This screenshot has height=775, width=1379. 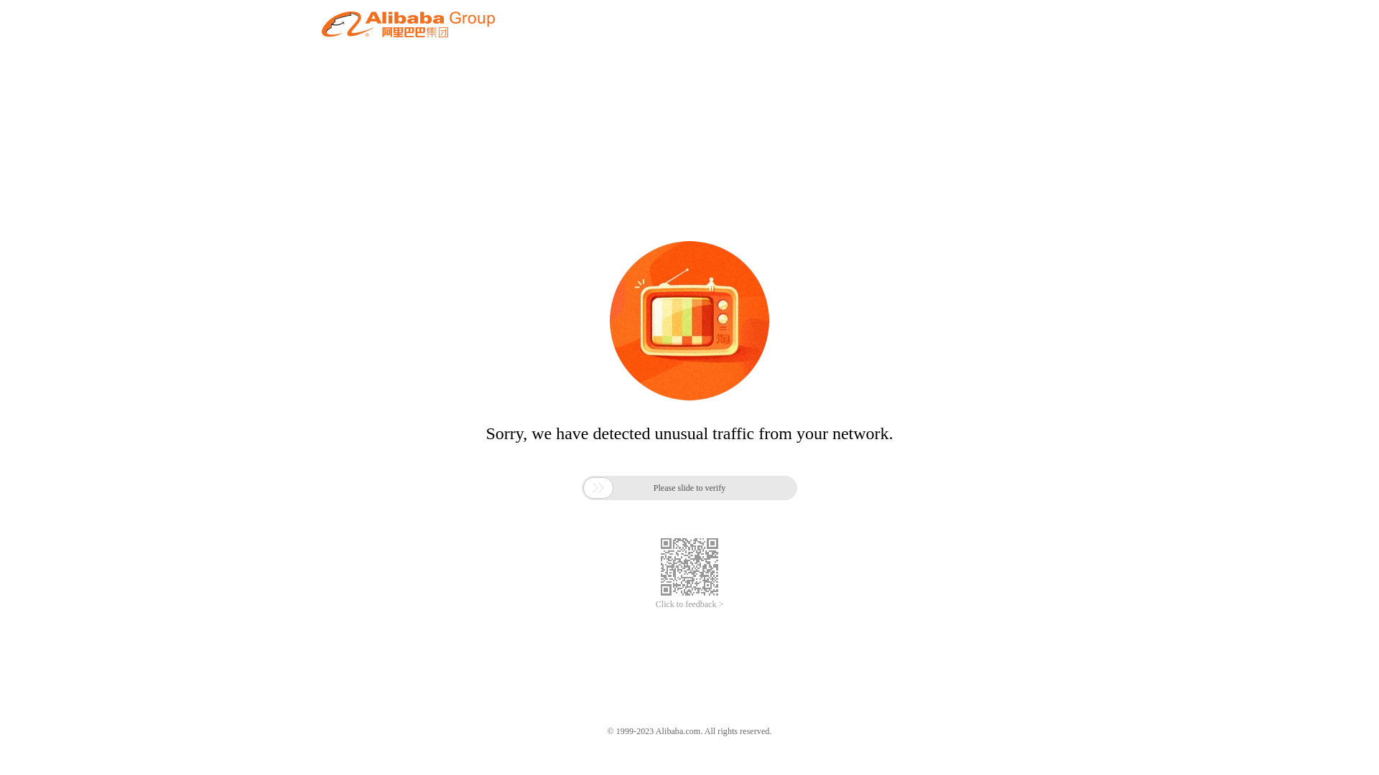 I want to click on 'Click to feedback >', so click(x=689, y=604).